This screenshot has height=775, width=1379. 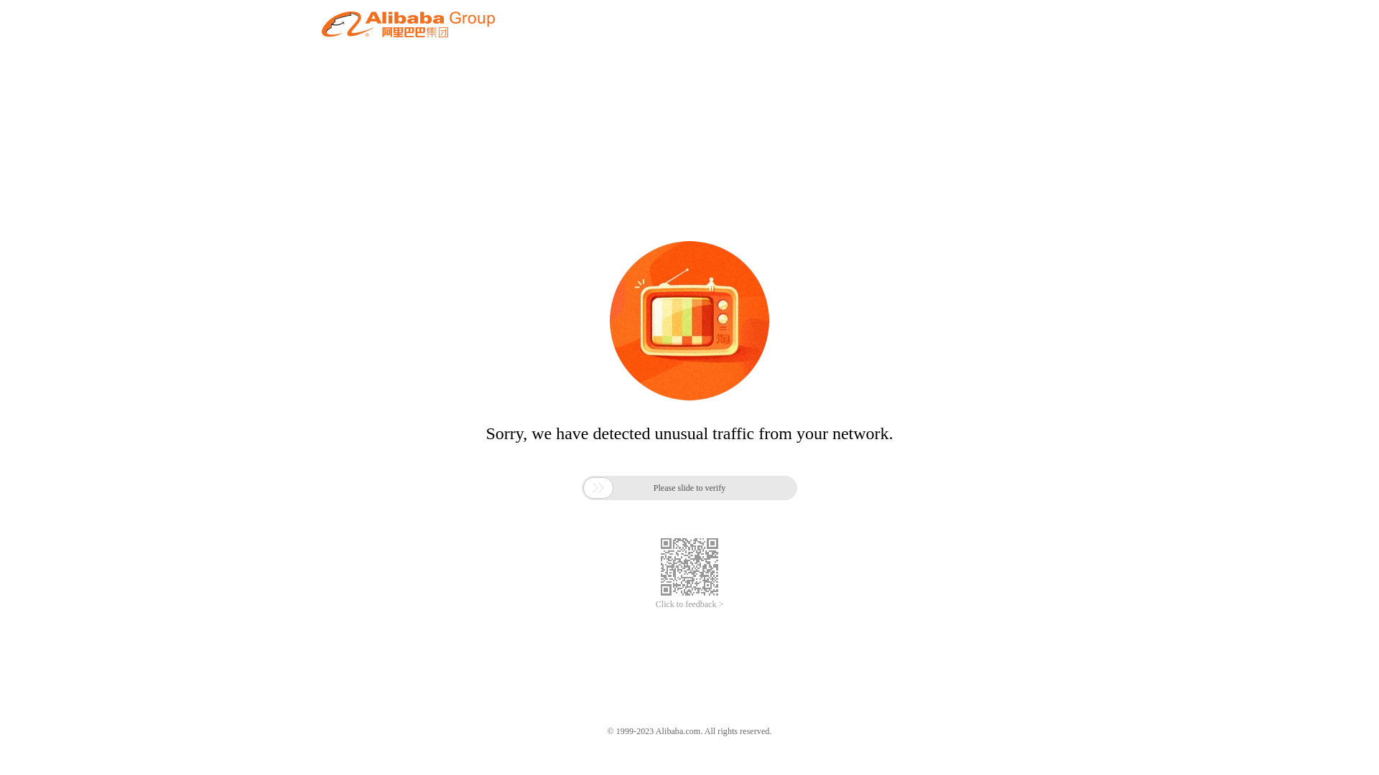 I want to click on 'Click to feedback >', so click(x=689, y=604).